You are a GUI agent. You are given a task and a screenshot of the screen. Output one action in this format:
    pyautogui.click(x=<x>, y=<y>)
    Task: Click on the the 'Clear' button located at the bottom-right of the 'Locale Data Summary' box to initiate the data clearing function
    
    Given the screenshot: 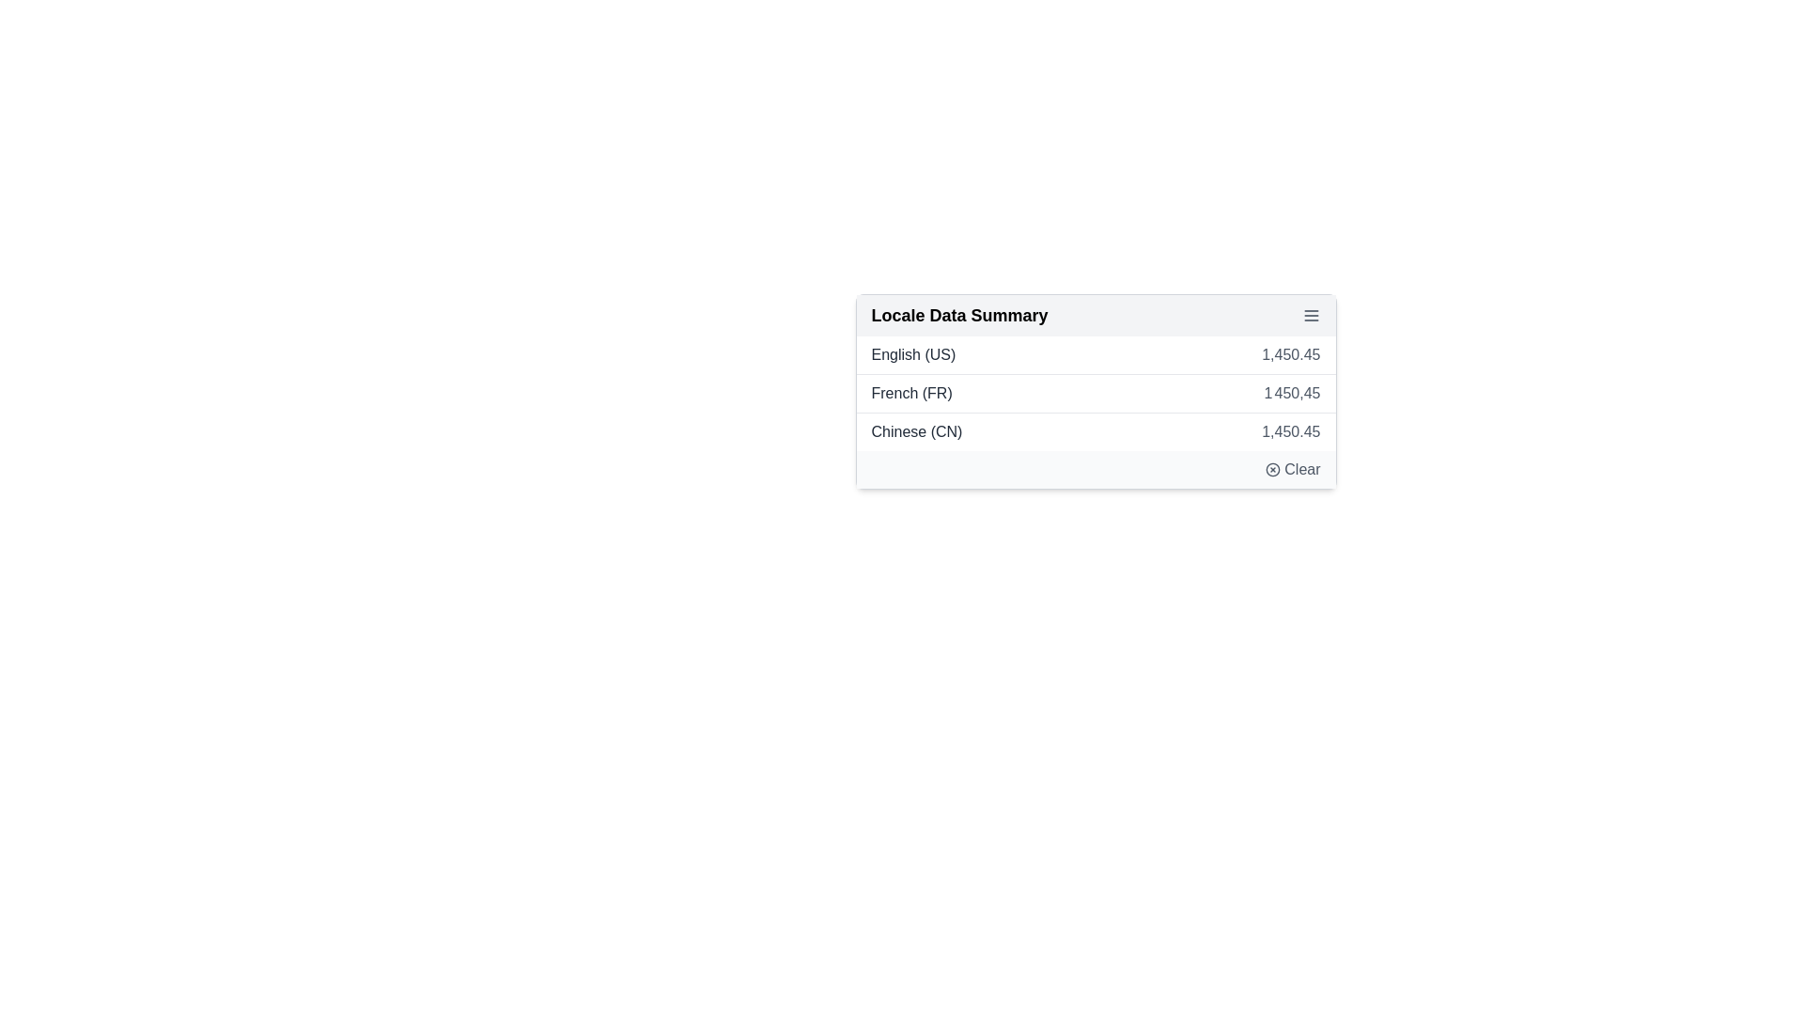 What is the action you would take?
    pyautogui.click(x=1096, y=469)
    